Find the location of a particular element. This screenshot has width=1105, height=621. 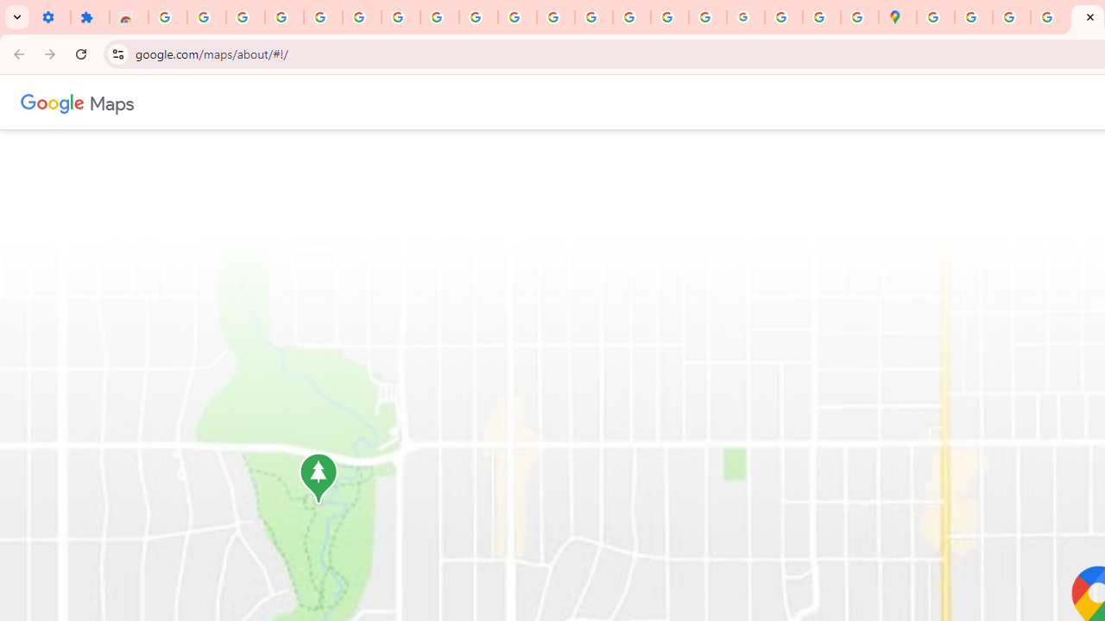

'Maps' is located at coordinates (110, 102).